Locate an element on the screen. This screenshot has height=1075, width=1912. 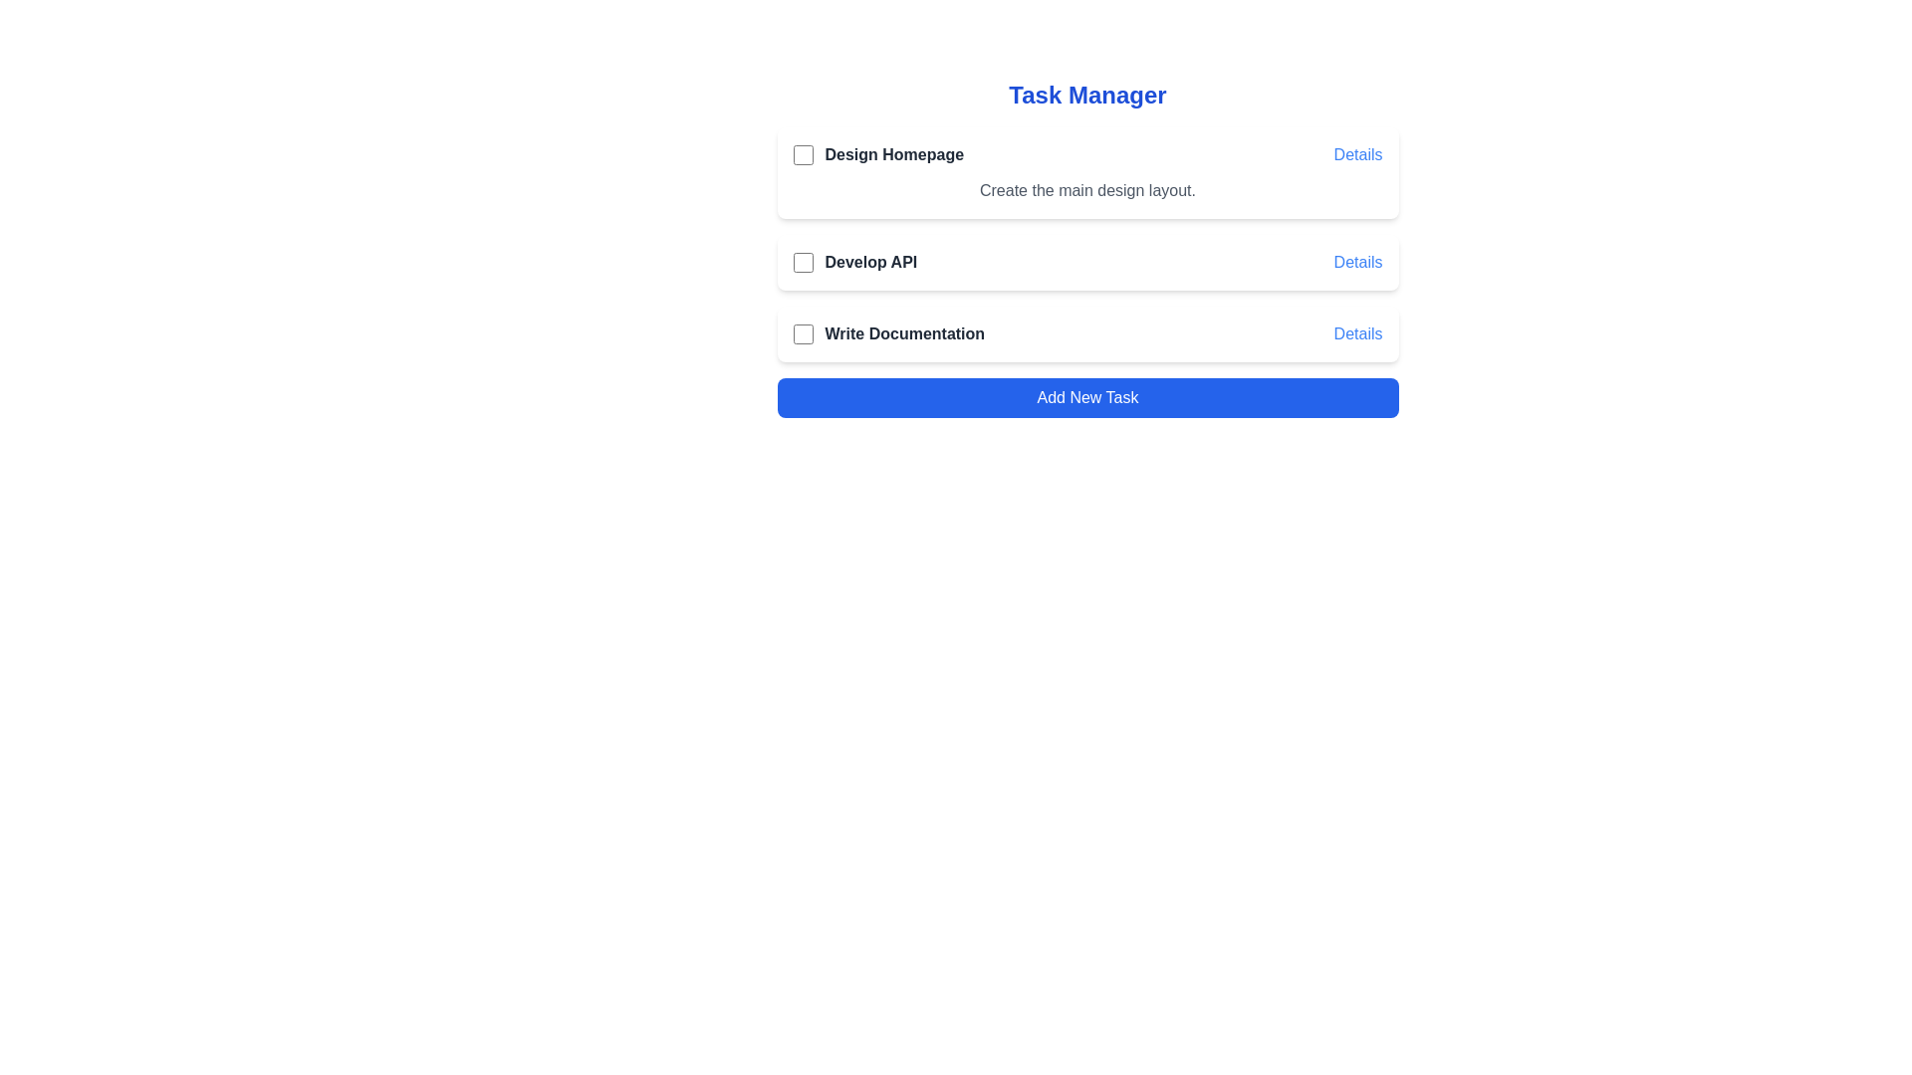
the 'Add New Task' button to initiate adding a new task is located at coordinates (1086, 398).